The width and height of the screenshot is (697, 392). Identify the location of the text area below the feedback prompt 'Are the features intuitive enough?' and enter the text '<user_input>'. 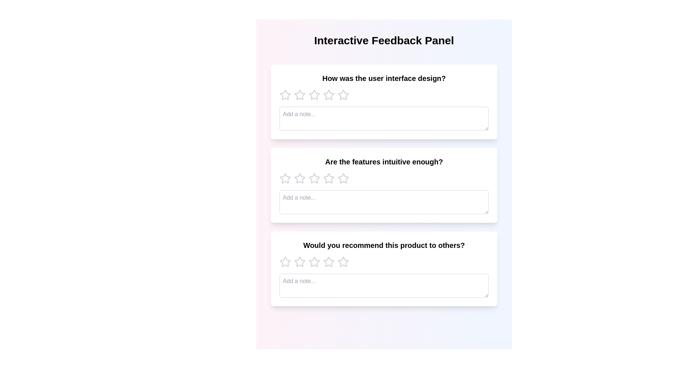
(383, 202).